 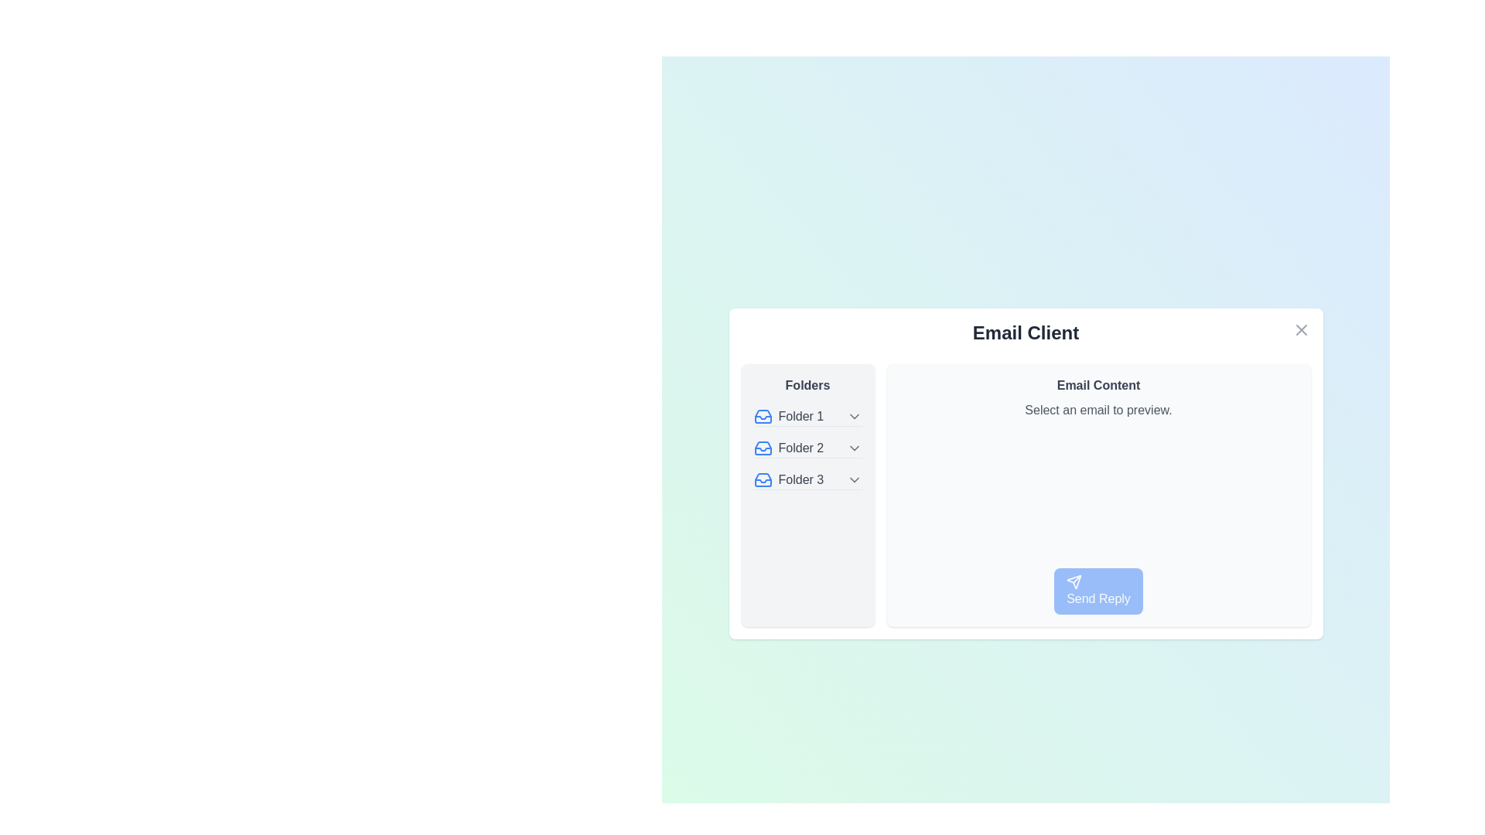 I want to click on the stylized inbox icon located in the second item of the 'Folders' list, adjacent to the label 'Folder 2.', so click(x=763, y=448).